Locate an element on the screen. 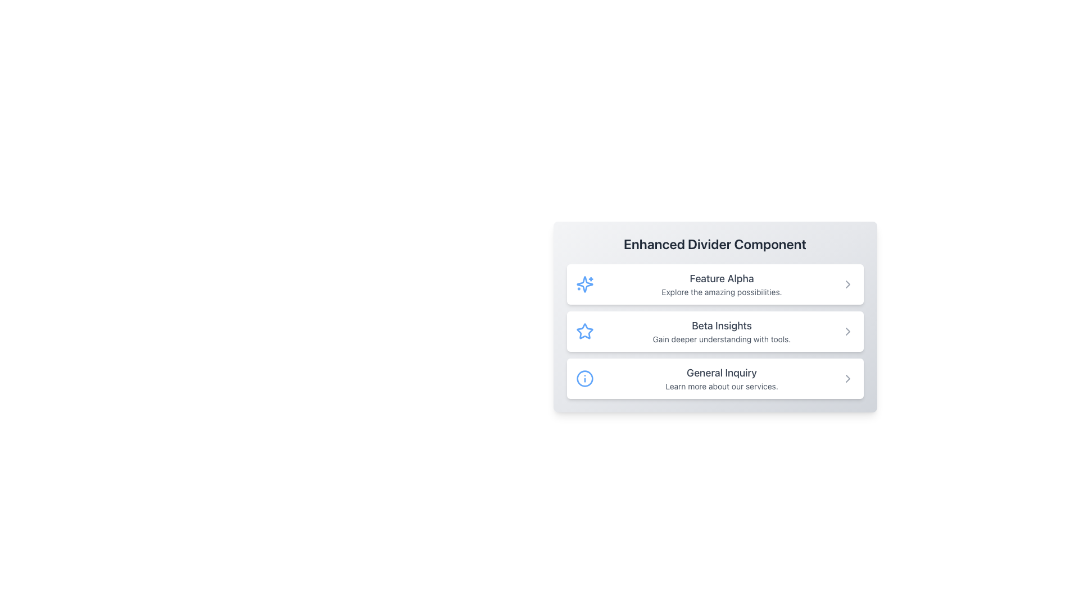  the circular blue 'info' icon located to the left of the 'General Inquiry' text is located at coordinates (584, 379).